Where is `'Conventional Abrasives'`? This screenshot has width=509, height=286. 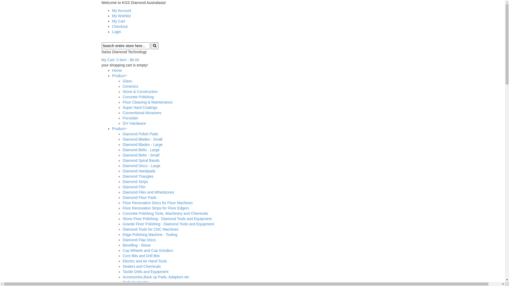
'Conventional Abrasives' is located at coordinates (142, 112).